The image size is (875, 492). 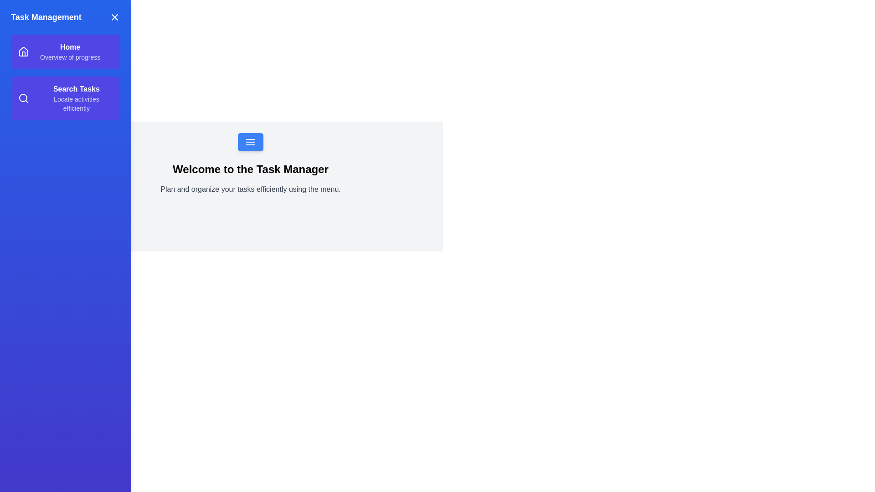 I want to click on the menu item labeled 'Search Tasks' to observe its hover effect, so click(x=65, y=98).